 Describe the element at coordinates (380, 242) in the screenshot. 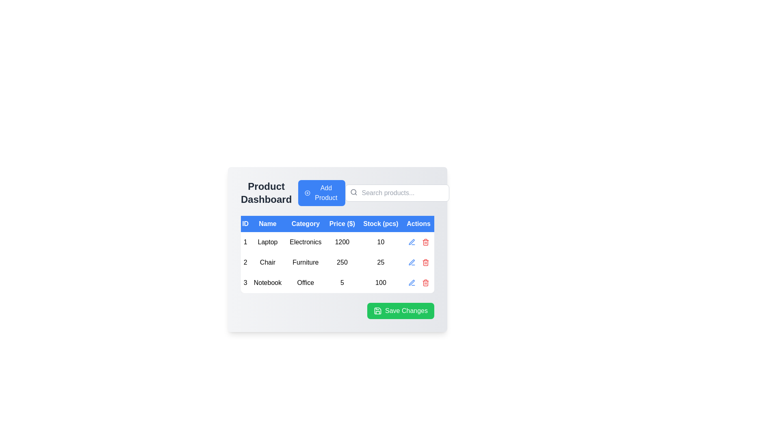

I see `displayed text '10' in the 'Stock (pcs)' column for the laptop product in the table` at that location.